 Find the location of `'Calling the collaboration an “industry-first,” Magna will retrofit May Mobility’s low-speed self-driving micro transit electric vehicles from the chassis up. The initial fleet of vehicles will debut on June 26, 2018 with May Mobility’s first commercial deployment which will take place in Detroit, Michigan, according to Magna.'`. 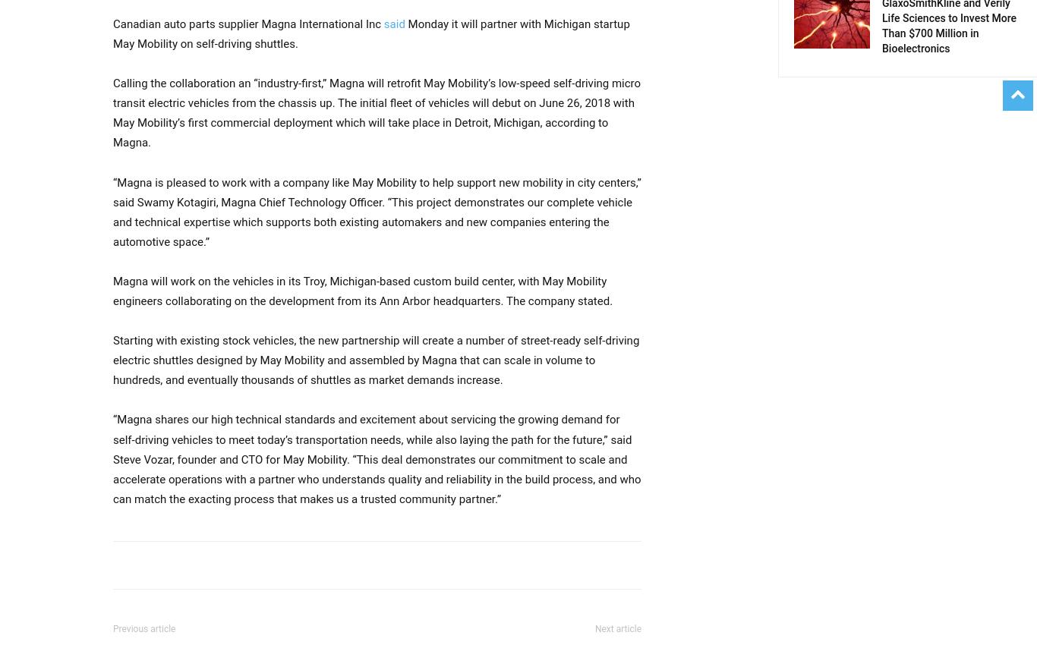

'Calling the collaboration an “industry-first,” Magna will retrofit May Mobility’s low-speed self-driving micro transit electric vehicles from the chassis up. The initial fleet of vehicles will debut on June 26, 2018 with May Mobility’s first commercial deployment which will take place in Detroit, Michigan, according to Magna.' is located at coordinates (377, 113).